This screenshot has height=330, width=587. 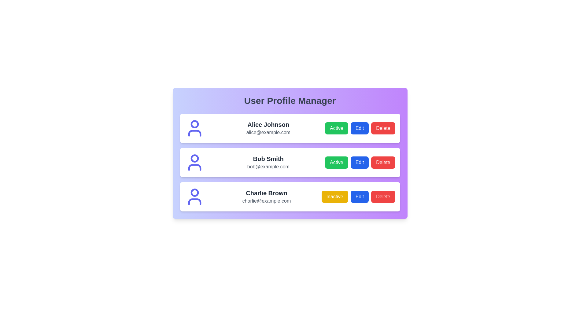 I want to click on 'Edit' button for the profile of Charlie Brown, so click(x=360, y=197).